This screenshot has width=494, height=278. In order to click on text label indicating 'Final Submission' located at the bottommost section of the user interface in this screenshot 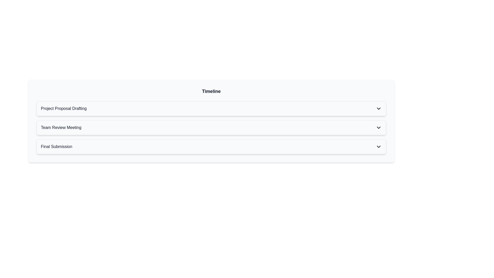, I will do `click(56, 147)`.